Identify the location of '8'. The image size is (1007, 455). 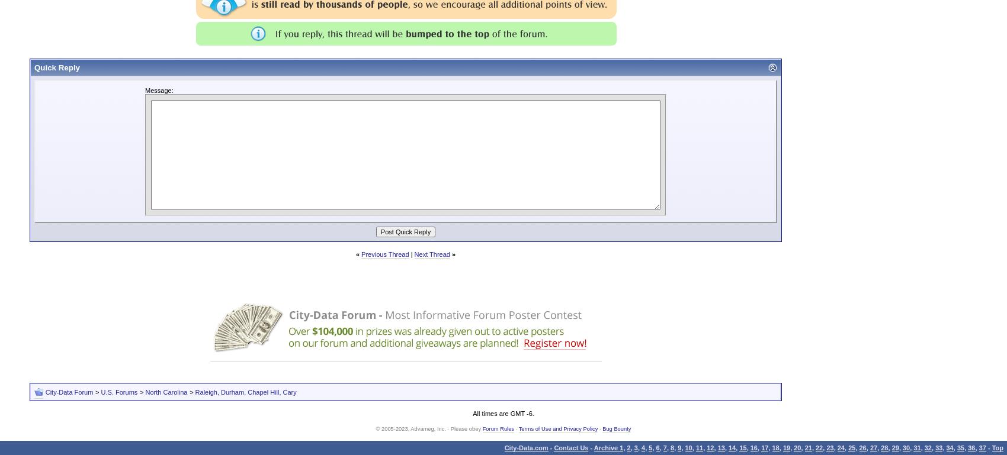
(671, 447).